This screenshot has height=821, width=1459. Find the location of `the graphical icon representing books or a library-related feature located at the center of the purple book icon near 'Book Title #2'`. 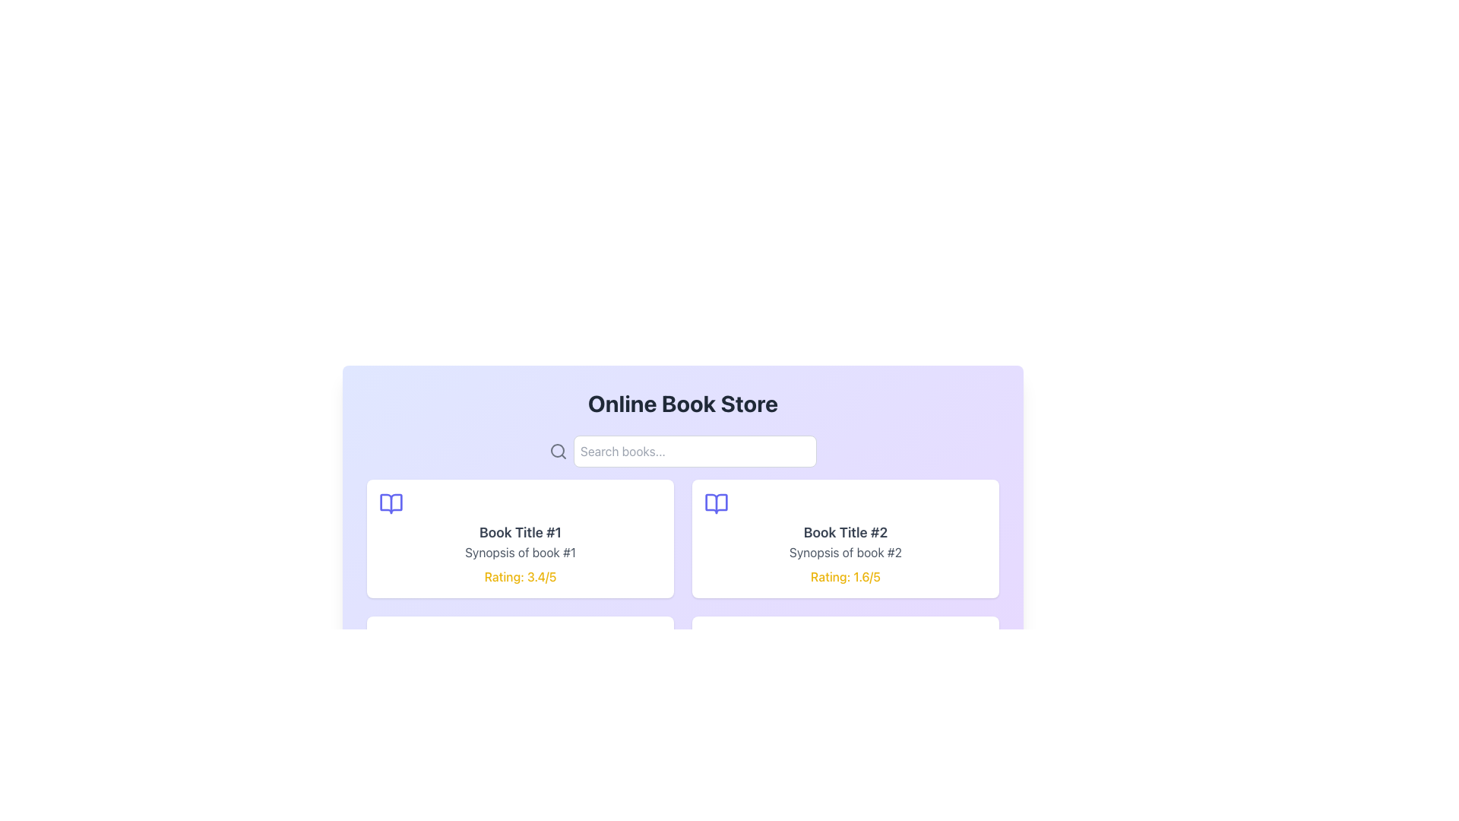

the graphical icon representing books or a library-related feature located at the center of the purple book icon near 'Book Title #2' is located at coordinates (391, 504).